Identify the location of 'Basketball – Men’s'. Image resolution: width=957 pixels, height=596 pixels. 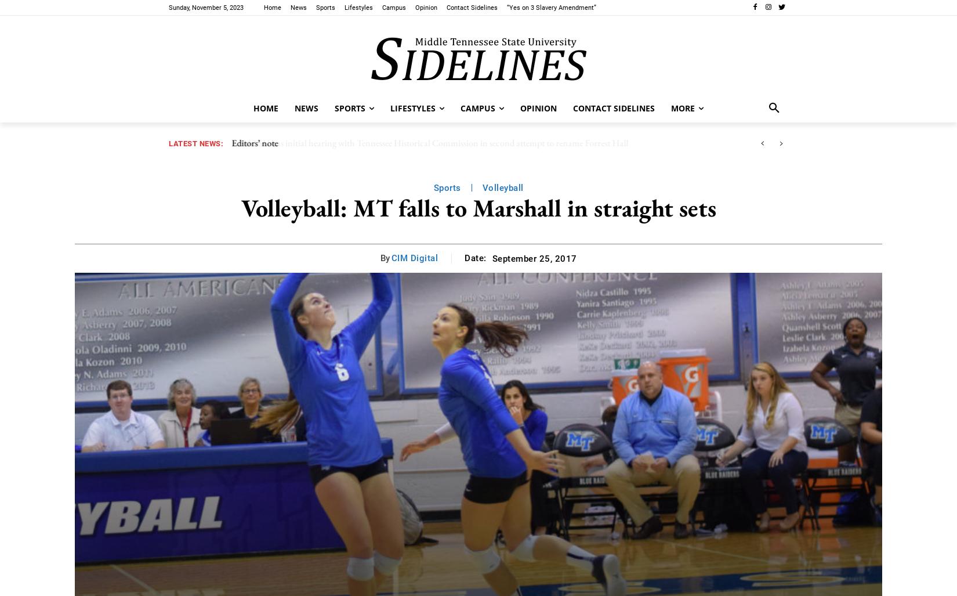
(349, 55).